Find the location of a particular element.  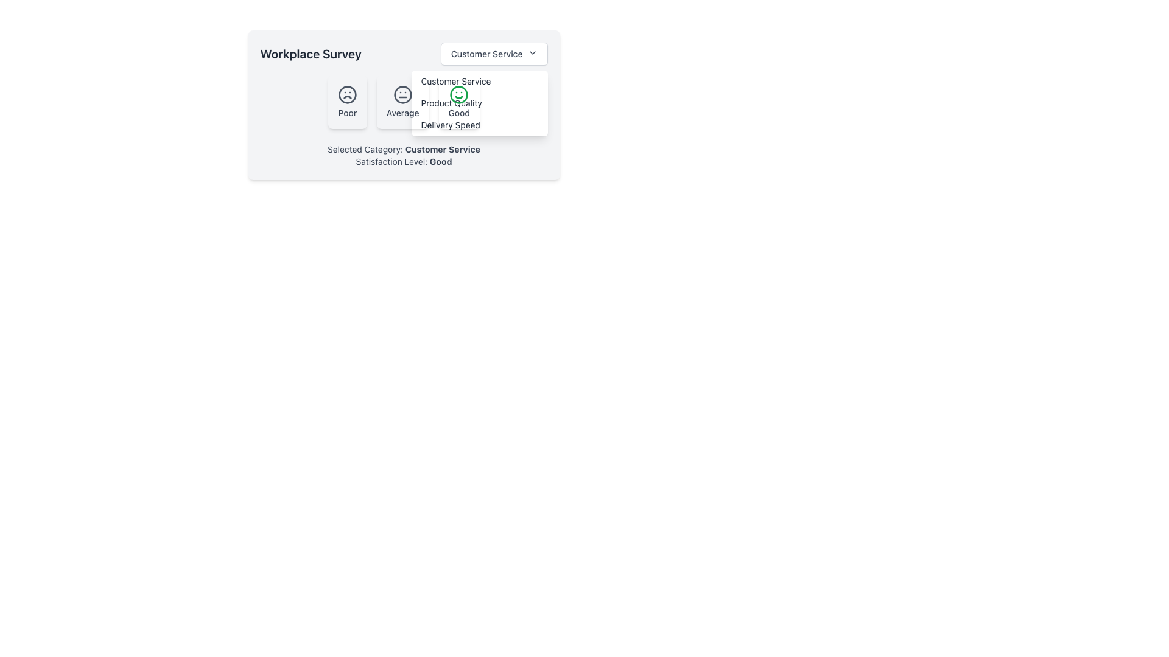

the 'Customer Service' text label, which indicates the current category selection and is positioned near the bottom of the interface, above 'Satisfaction Level: Good' is located at coordinates (404, 149).